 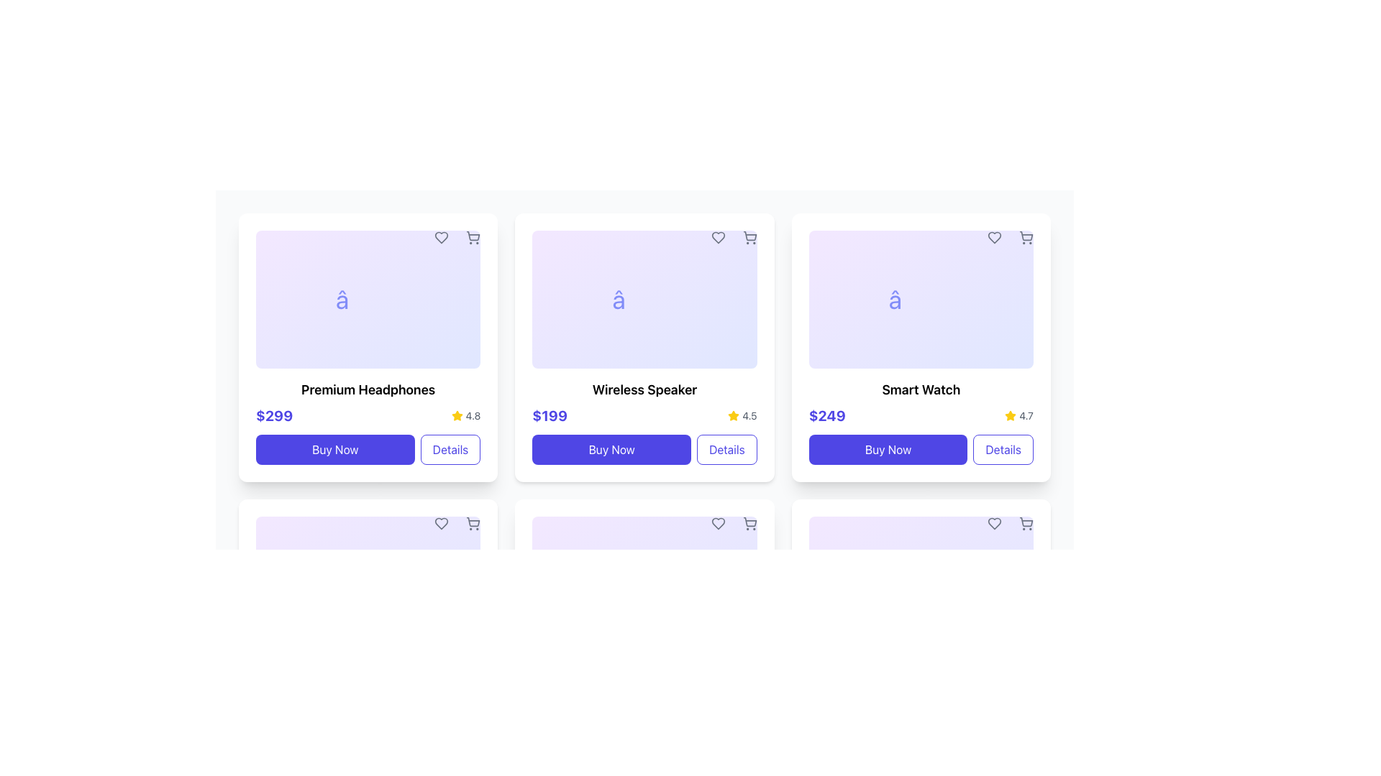 What do you see at coordinates (742, 415) in the screenshot?
I see `the Rating display in the second product card ('Wireless Speaker'), located at the bottom-right corner adjacent to the price and above the 'Details' button` at bounding box center [742, 415].